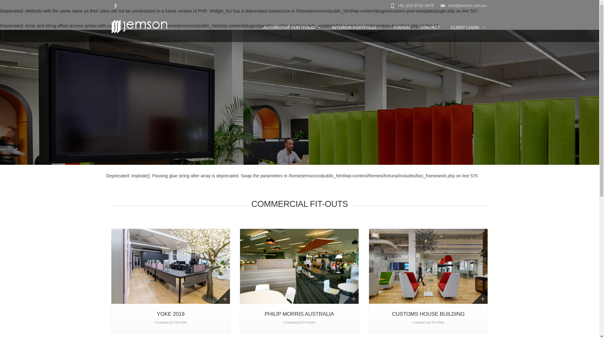  What do you see at coordinates (358, 26) in the screenshot?
I see `'INTERIOR PORTFOLIO'` at bounding box center [358, 26].